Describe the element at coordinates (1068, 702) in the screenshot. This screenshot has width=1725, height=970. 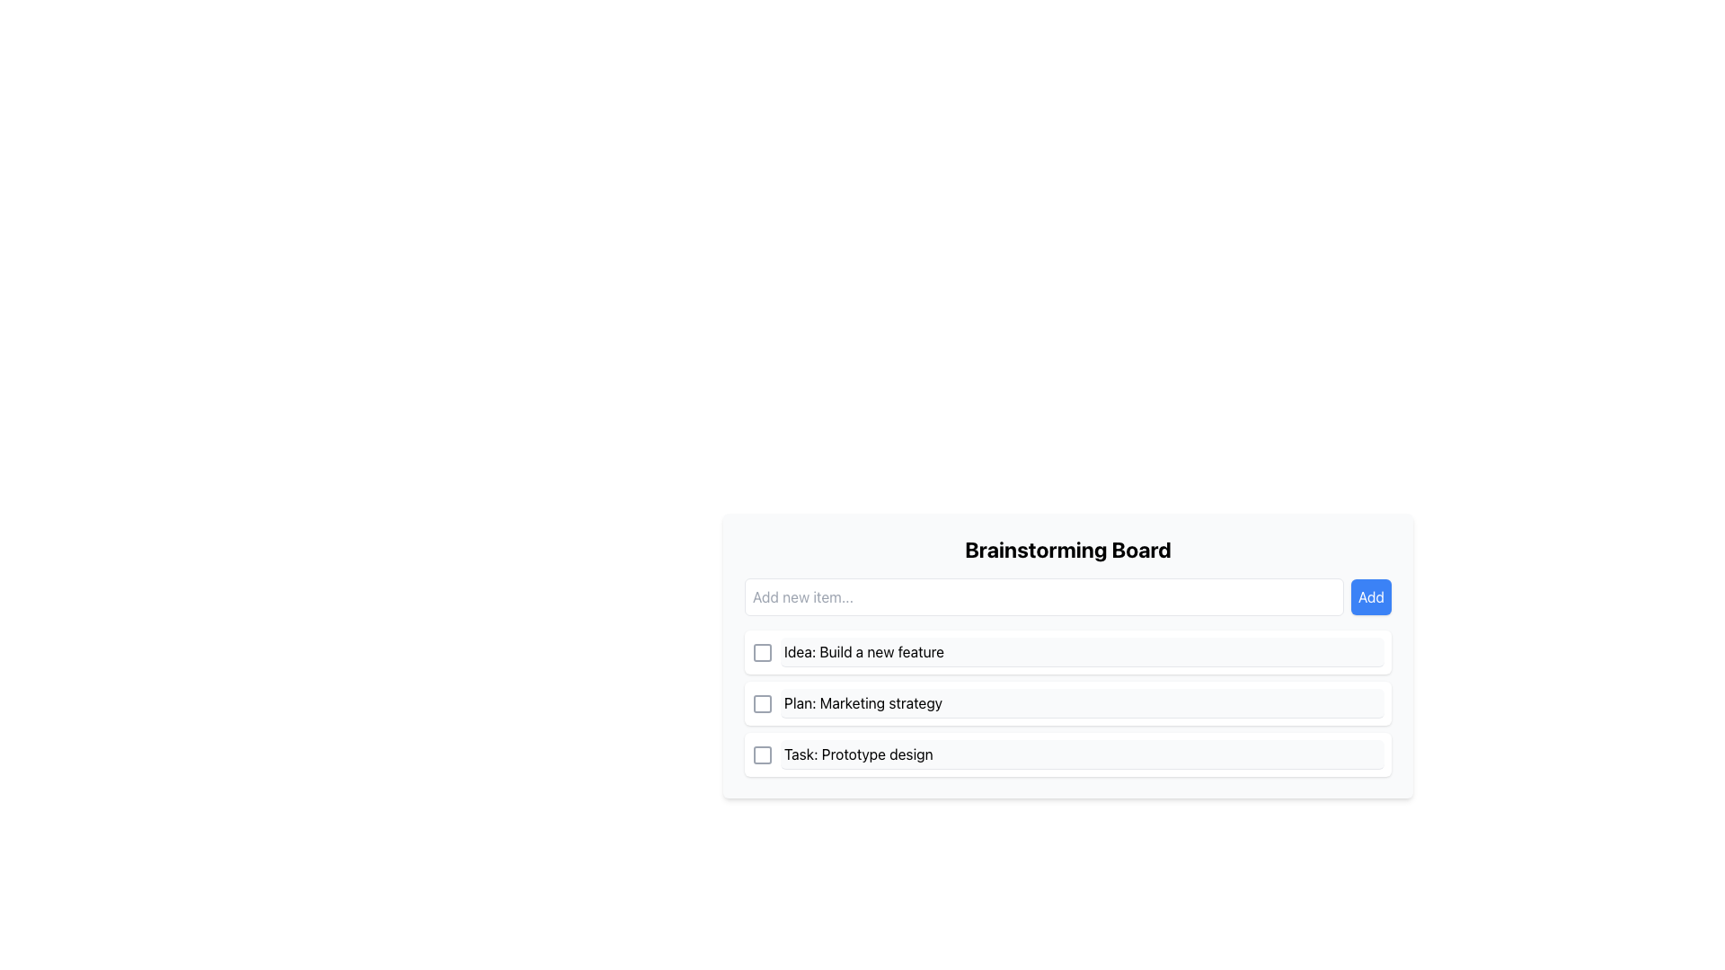
I see `the row labeled 'Plan: Marketing strategy'` at that location.